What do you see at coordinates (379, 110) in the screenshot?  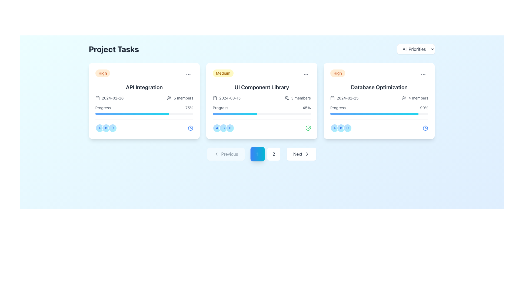 I see `text displayed on the progress bar labeled 'Progress' or '90%' located in the lower part of the card labeled 'Database Optimization'` at bounding box center [379, 110].